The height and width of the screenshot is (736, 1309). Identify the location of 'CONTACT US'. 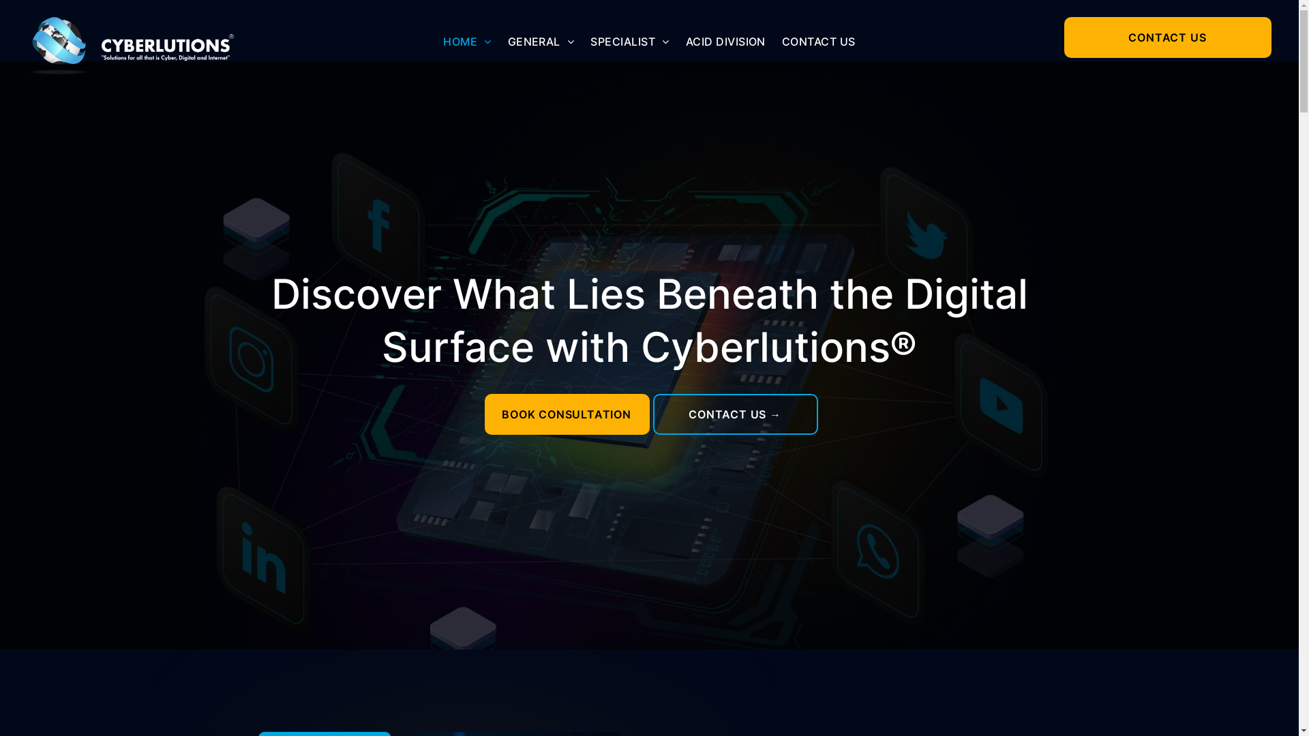
(818, 41).